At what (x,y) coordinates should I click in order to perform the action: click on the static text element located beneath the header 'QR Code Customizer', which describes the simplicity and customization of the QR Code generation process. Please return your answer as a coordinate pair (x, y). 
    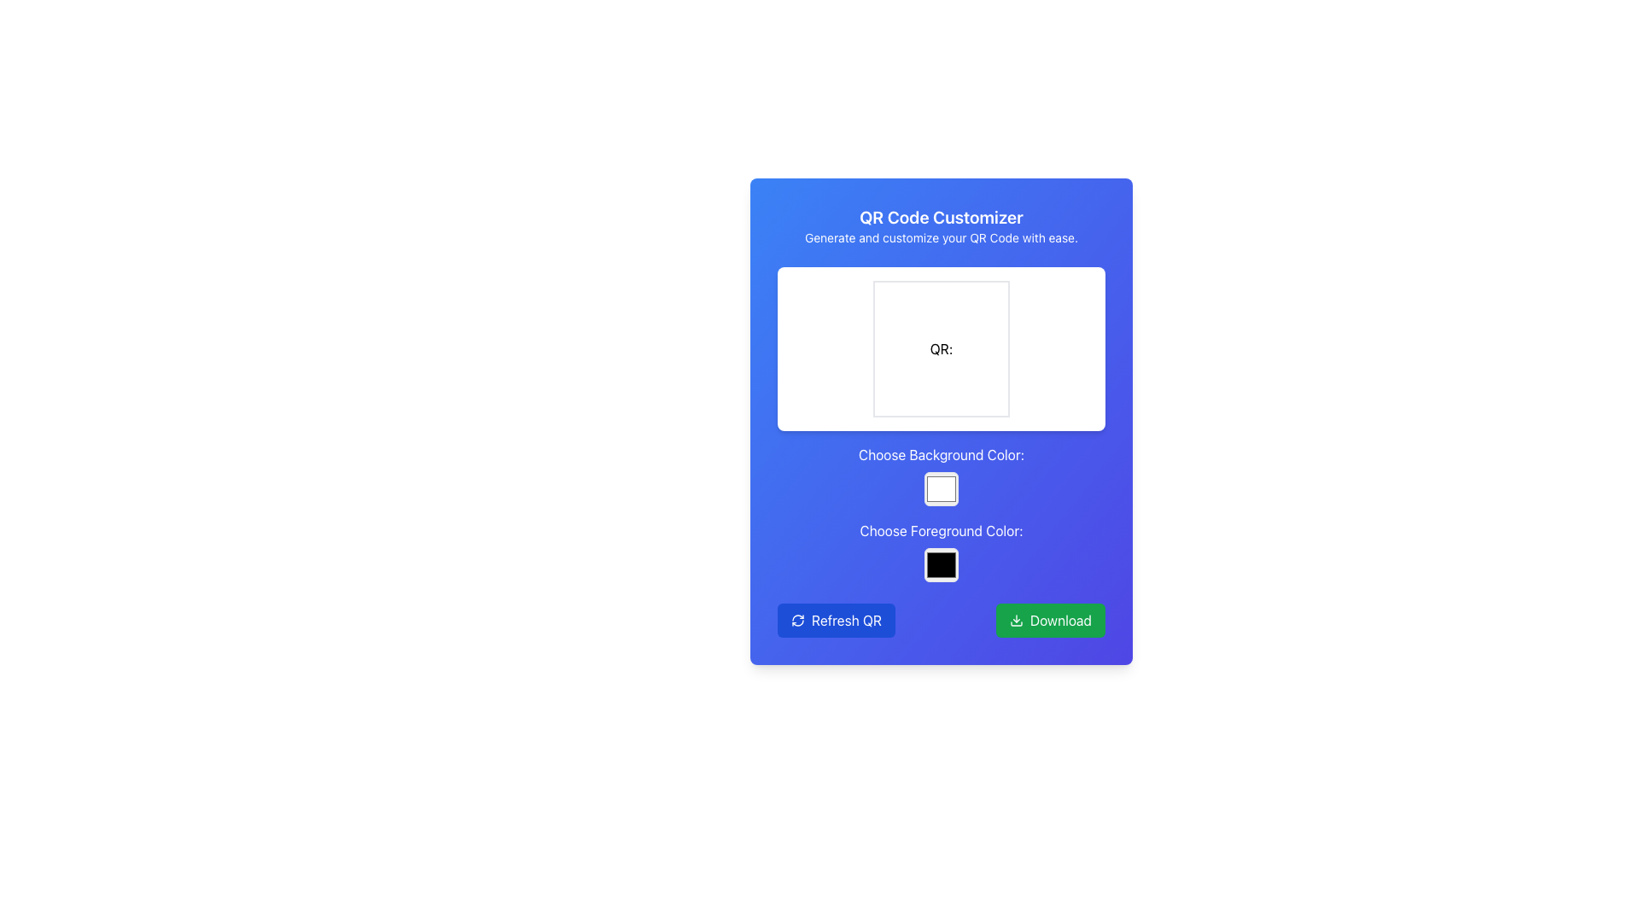
    Looking at the image, I should click on (941, 237).